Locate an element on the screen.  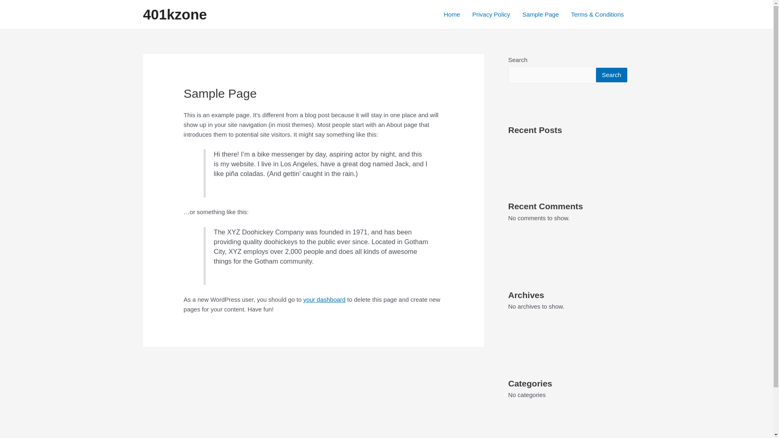
'Search' is located at coordinates (611, 75).